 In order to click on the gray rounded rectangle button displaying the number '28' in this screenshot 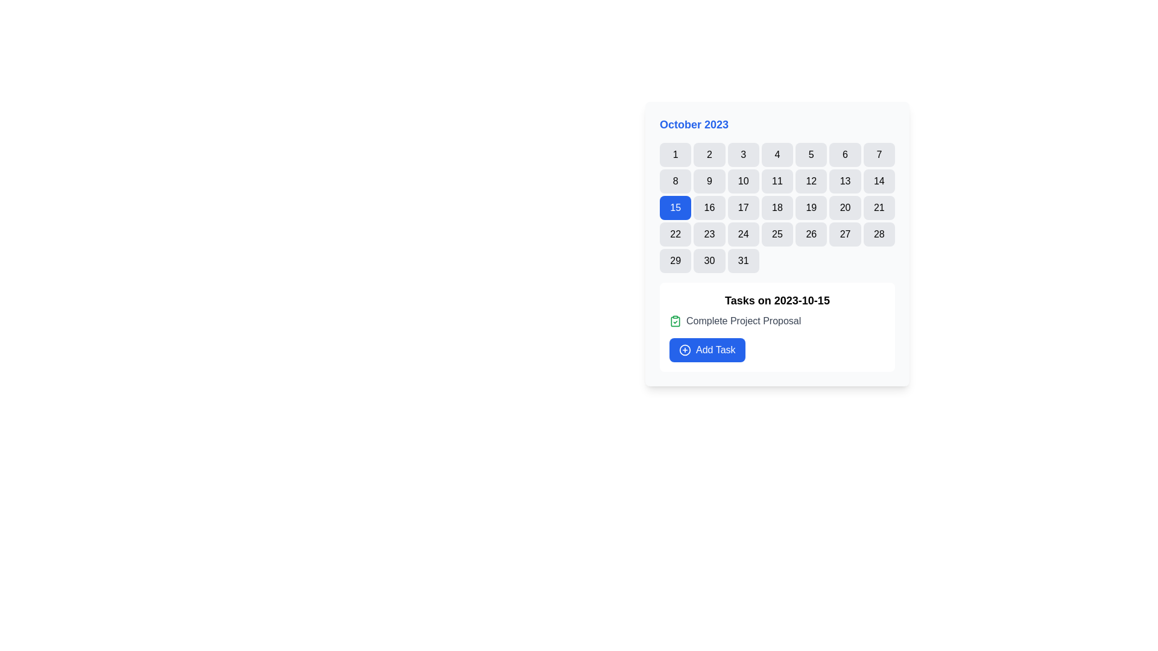, I will do `click(879, 234)`.